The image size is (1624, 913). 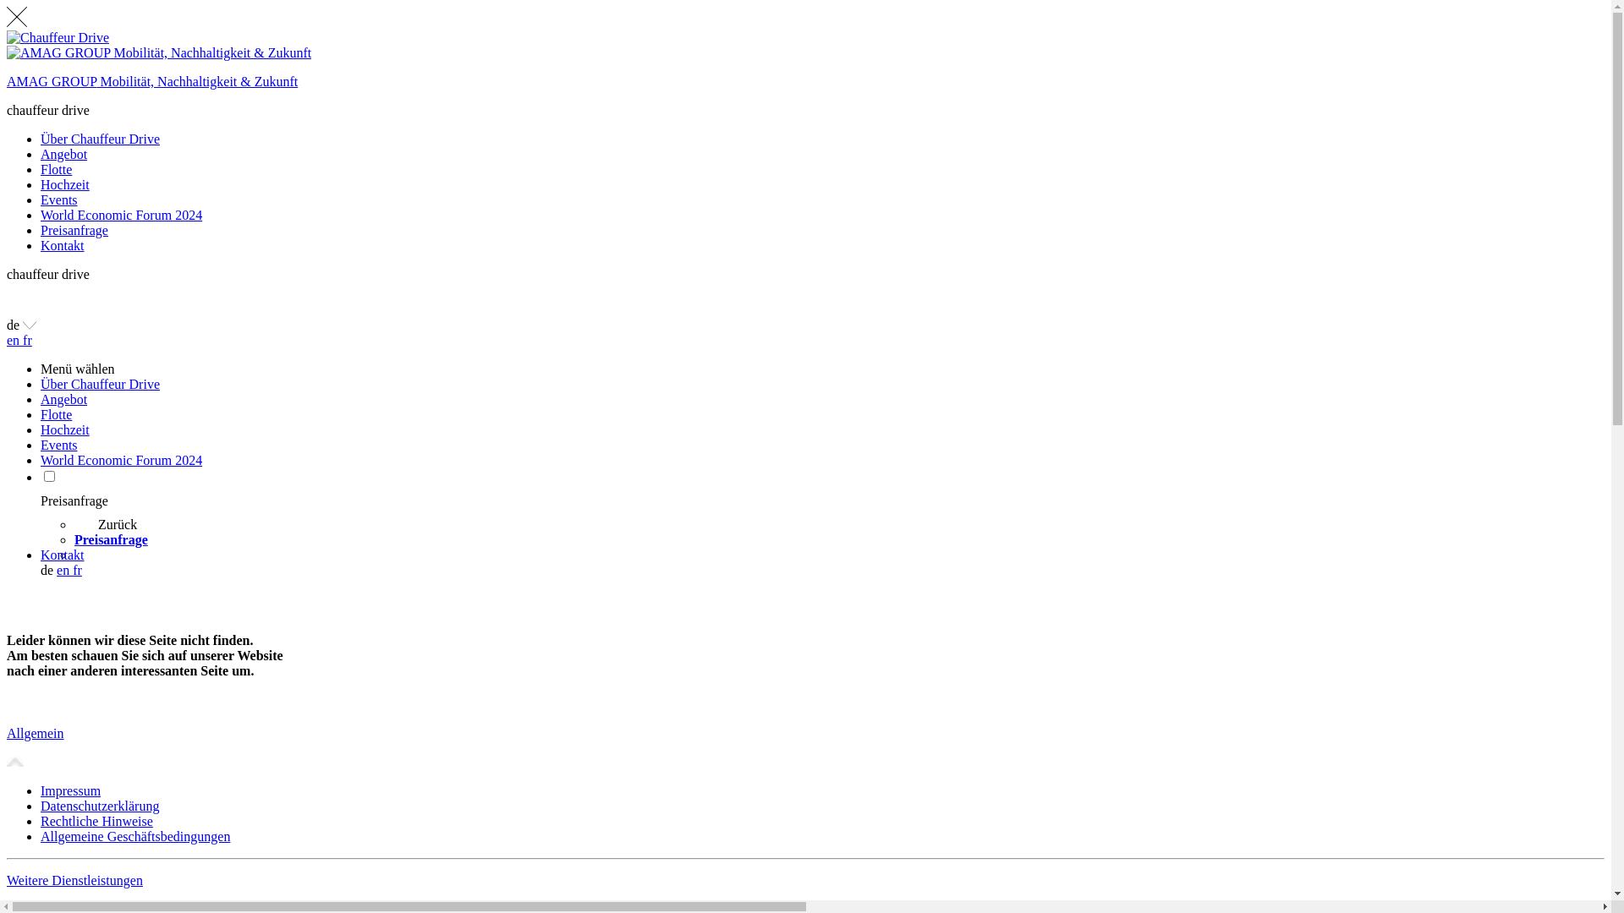 I want to click on 'Impressum', so click(x=41, y=790).